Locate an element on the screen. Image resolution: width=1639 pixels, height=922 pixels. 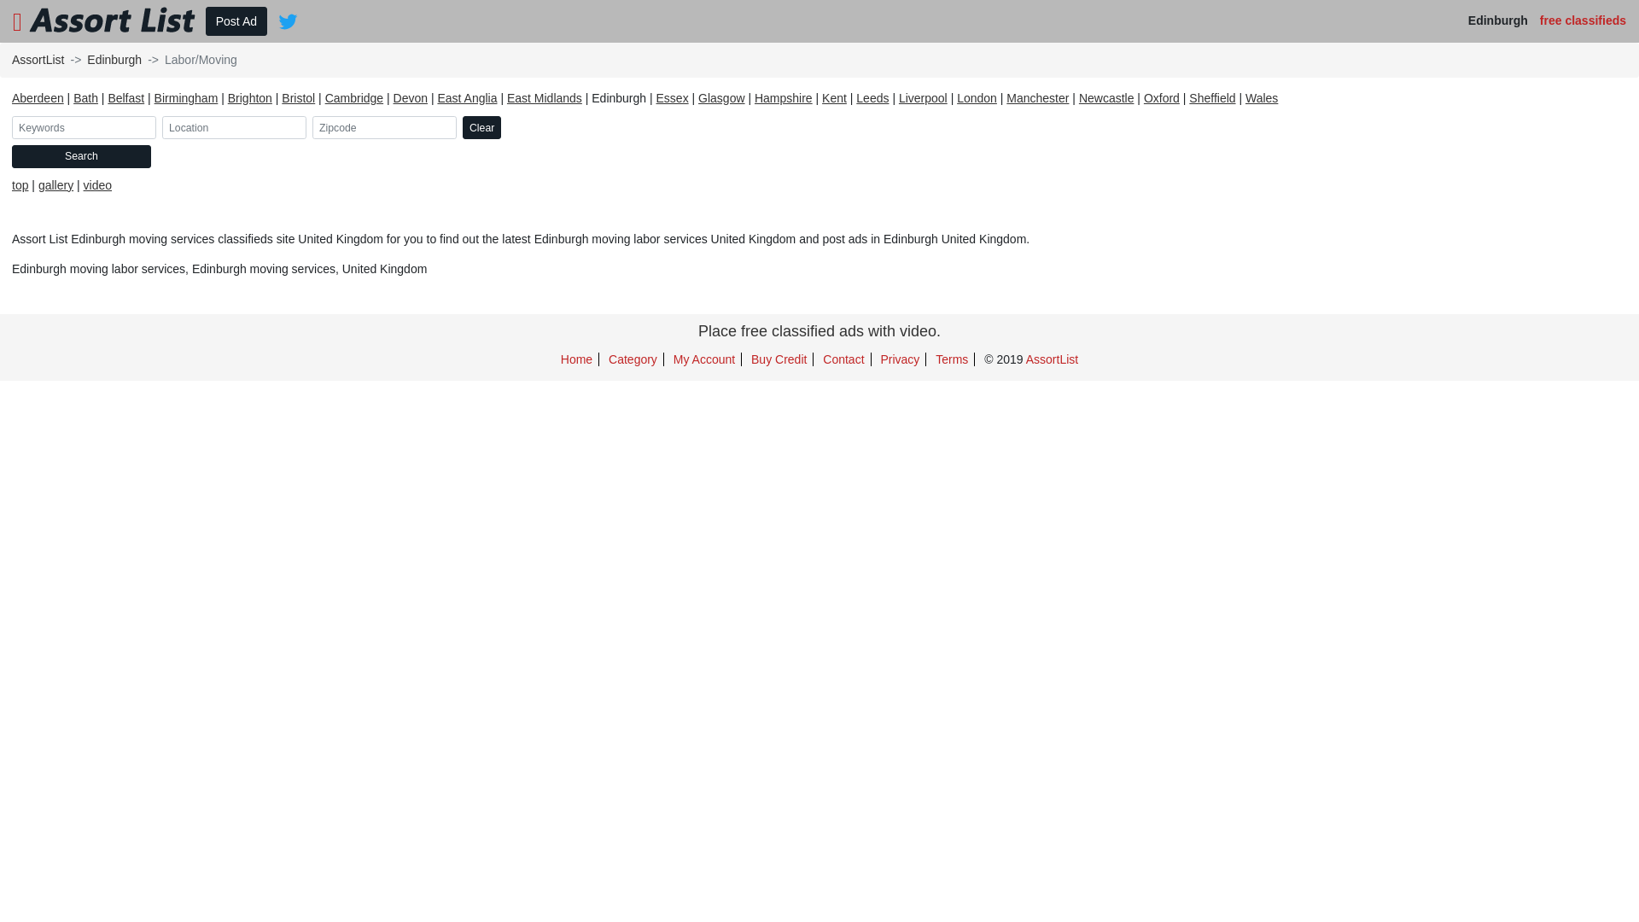
'Birmingham' is located at coordinates (186, 98).